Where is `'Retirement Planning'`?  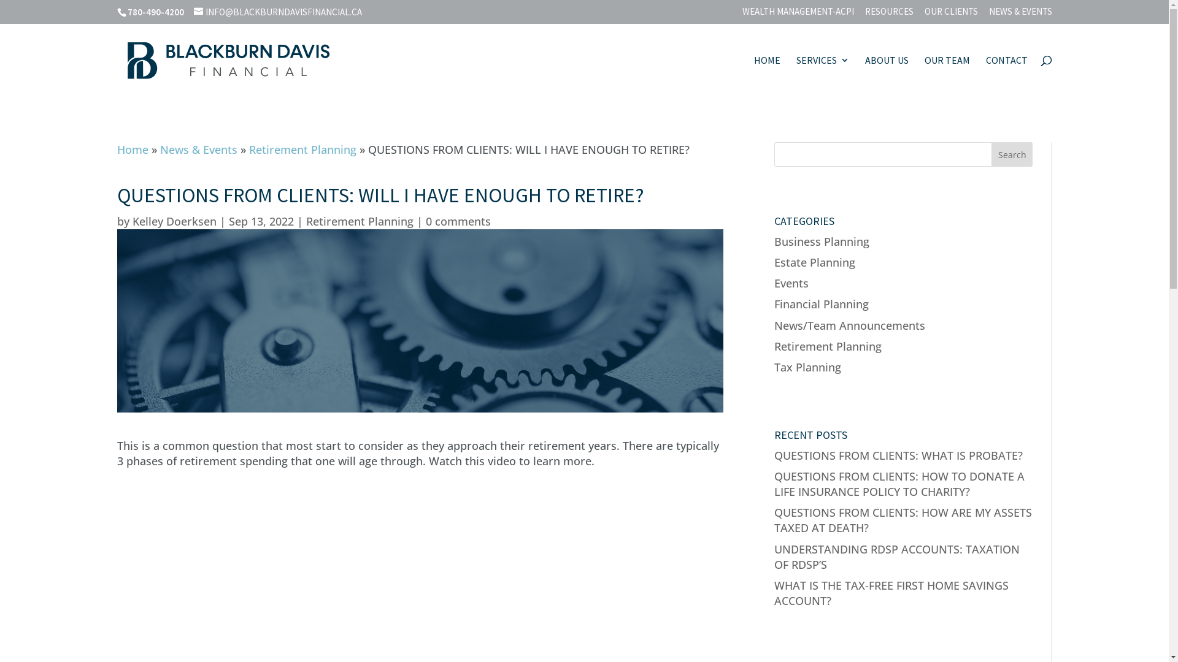
'Retirement Planning' is located at coordinates (358, 221).